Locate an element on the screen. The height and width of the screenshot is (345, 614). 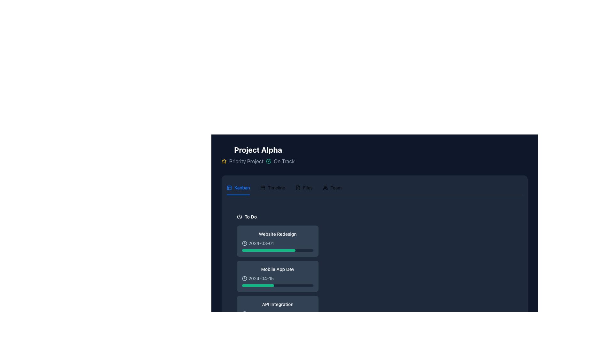
the visual indicator icon located on the left side of the 'Project Alpha' title, just above the 'Priority Project' status label is located at coordinates (224, 161).